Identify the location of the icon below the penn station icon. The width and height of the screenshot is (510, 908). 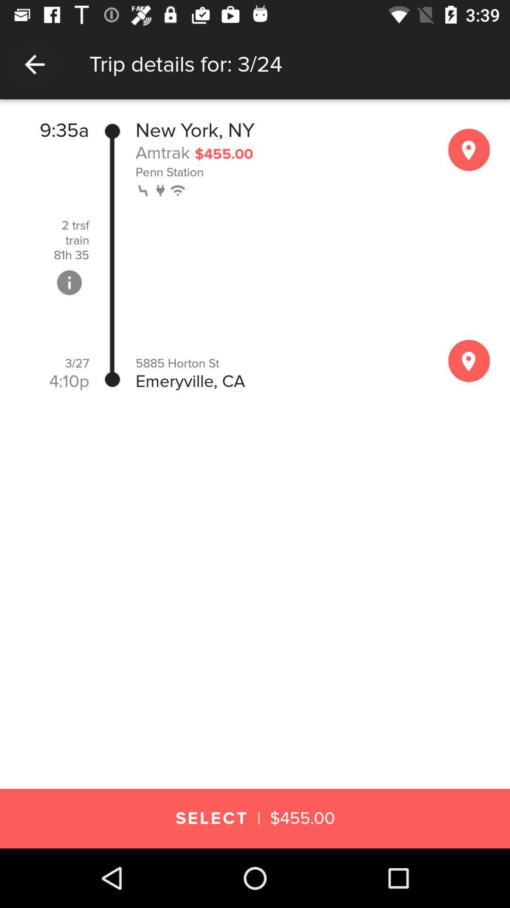
(144, 189).